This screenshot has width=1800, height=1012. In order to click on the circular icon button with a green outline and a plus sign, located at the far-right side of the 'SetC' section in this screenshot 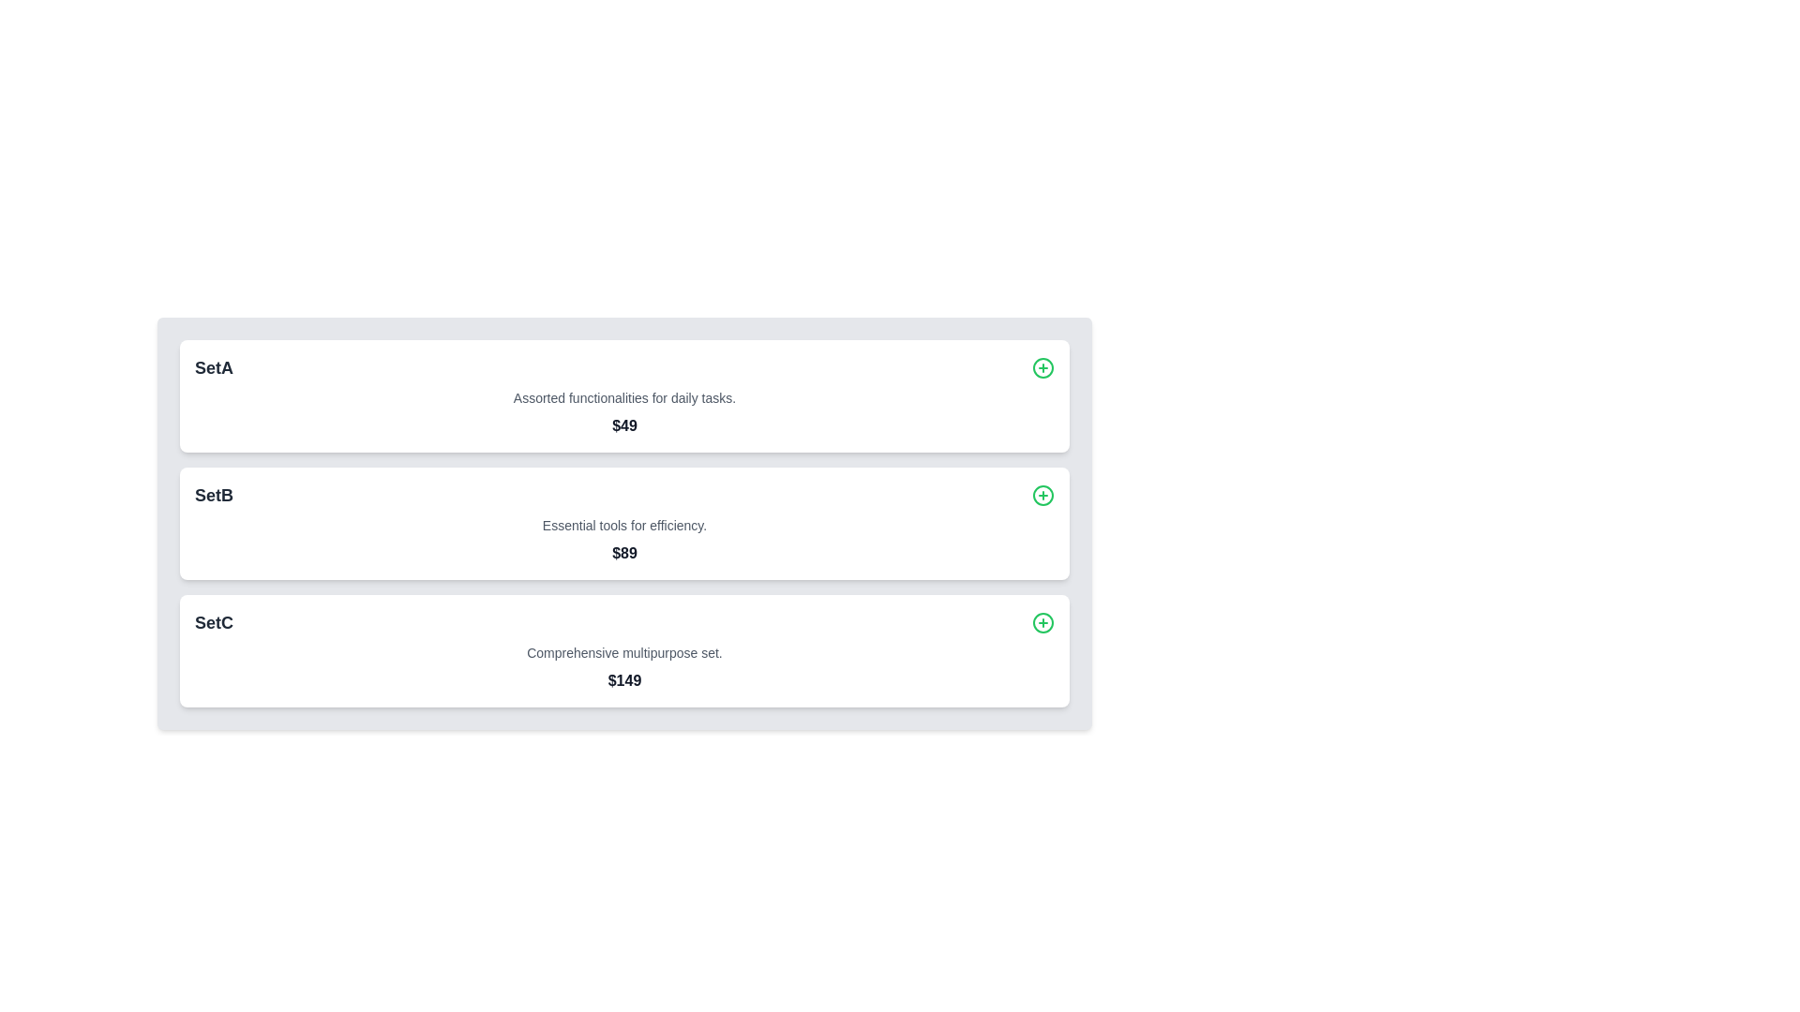, I will do `click(1042, 622)`.